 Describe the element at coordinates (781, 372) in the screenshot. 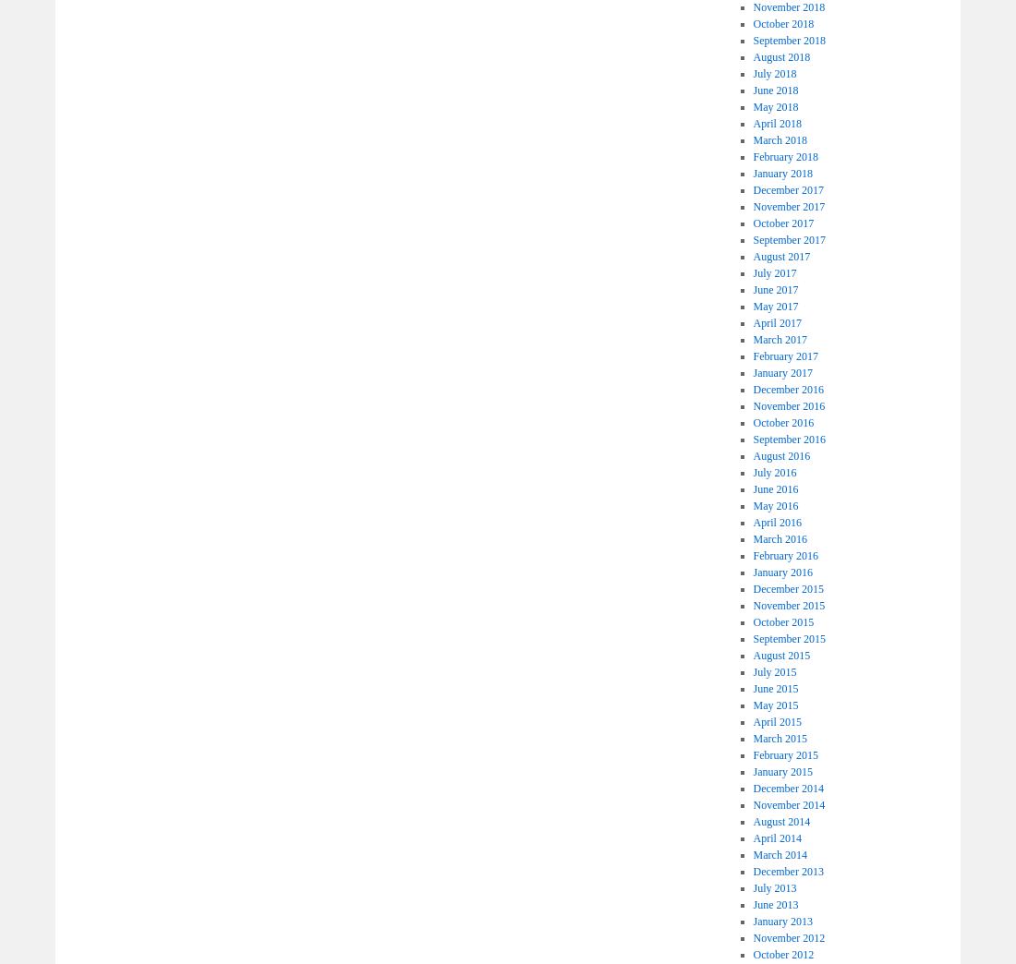

I see `'January 2017'` at that location.